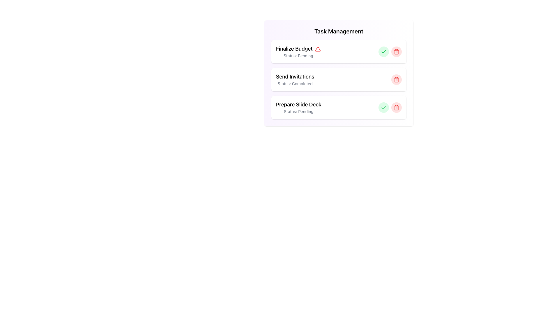 The image size is (559, 314). Describe the element at coordinates (396, 51) in the screenshot. I see `the delete button located at the far right of the task management section` at that location.